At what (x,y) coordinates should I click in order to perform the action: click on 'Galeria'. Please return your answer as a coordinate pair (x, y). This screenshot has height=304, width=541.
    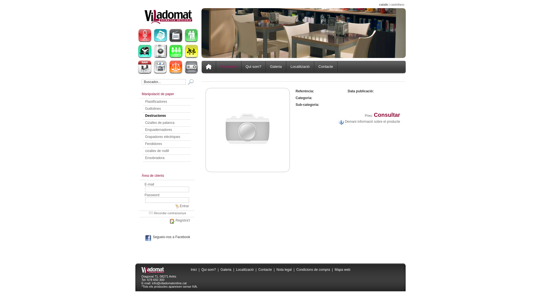
    Looking at the image, I should click on (276, 66).